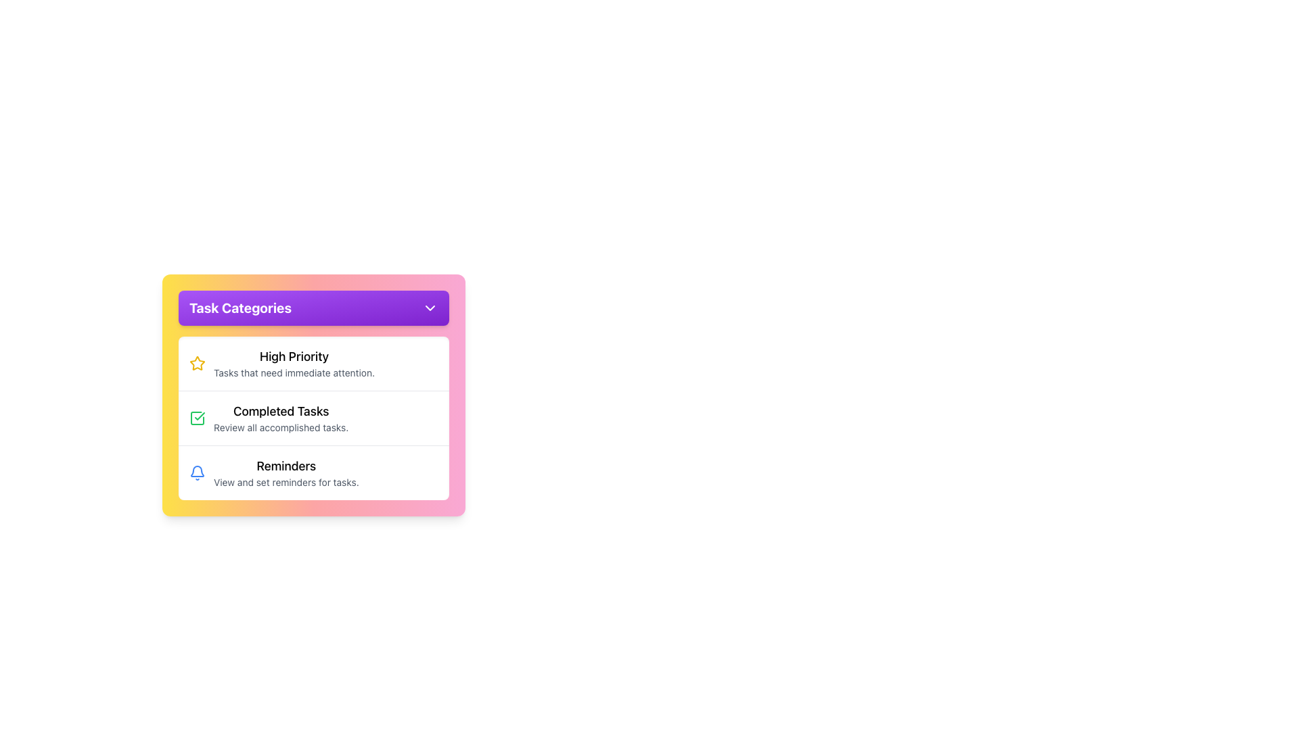  Describe the element at coordinates (313, 471) in the screenshot. I see `the List item that represents the reminders feature, located at the bottom of the 'Task Categories' card, below 'High Priority' and 'Completed Tasks'` at that location.